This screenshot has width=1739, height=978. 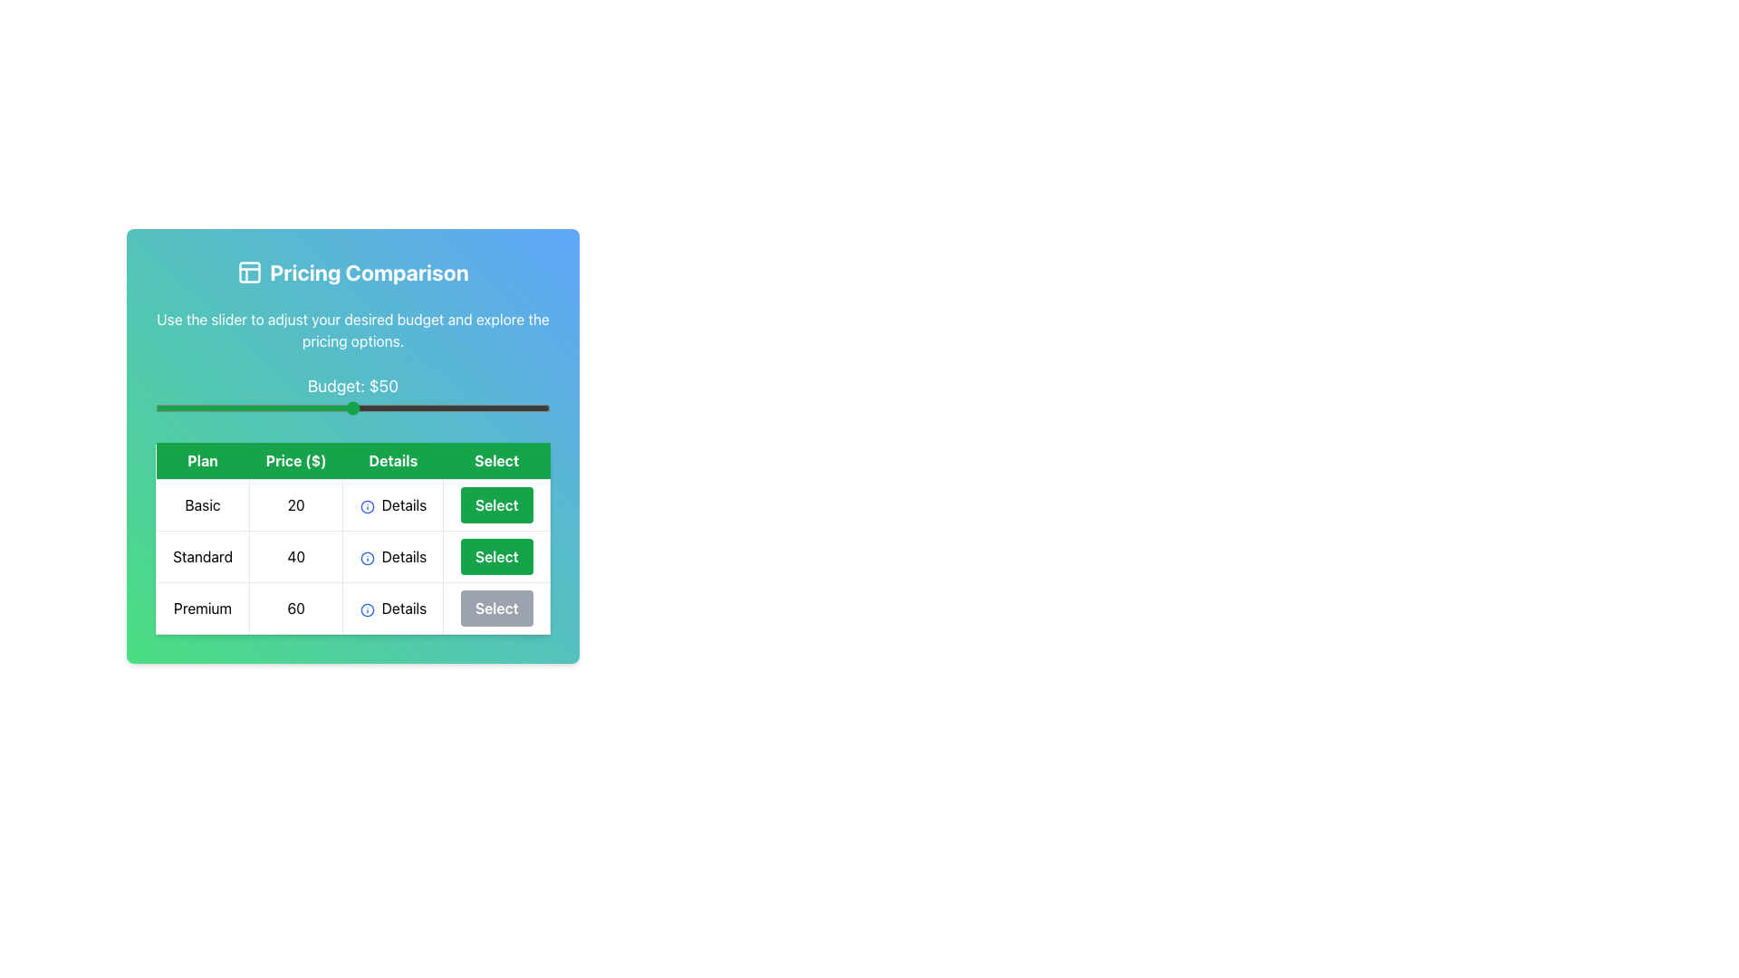 I want to click on the disabled 'Premium' pricing plan button located in the fourth column of the third row within the 'Pricing Comparison' grid, so click(x=496, y=608).